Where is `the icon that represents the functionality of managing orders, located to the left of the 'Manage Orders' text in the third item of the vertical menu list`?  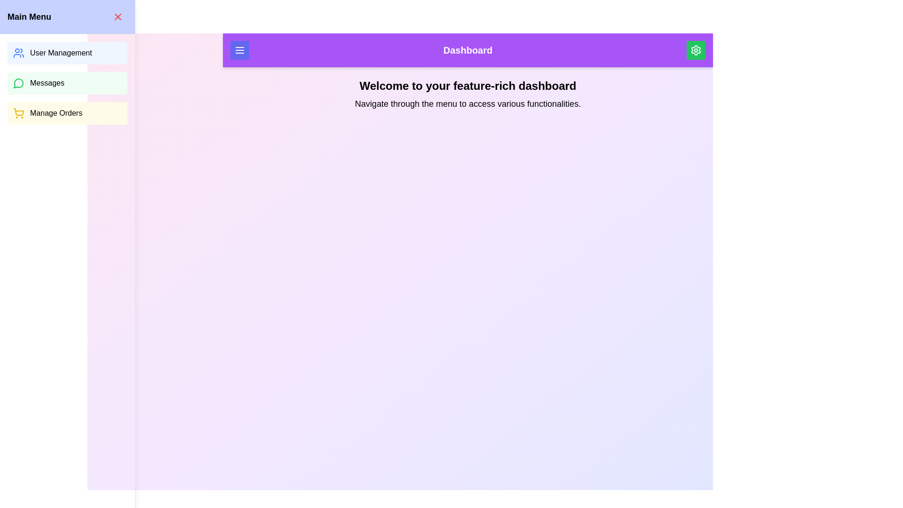 the icon that represents the functionality of managing orders, located to the left of the 'Manage Orders' text in the third item of the vertical menu list is located at coordinates (18, 112).